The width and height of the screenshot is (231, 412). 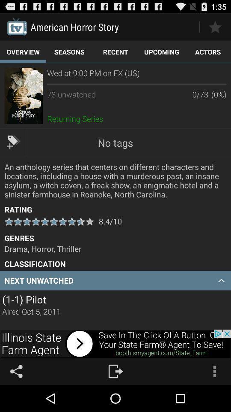 What do you see at coordinates (24, 96) in the screenshot?
I see `to view the show` at bounding box center [24, 96].